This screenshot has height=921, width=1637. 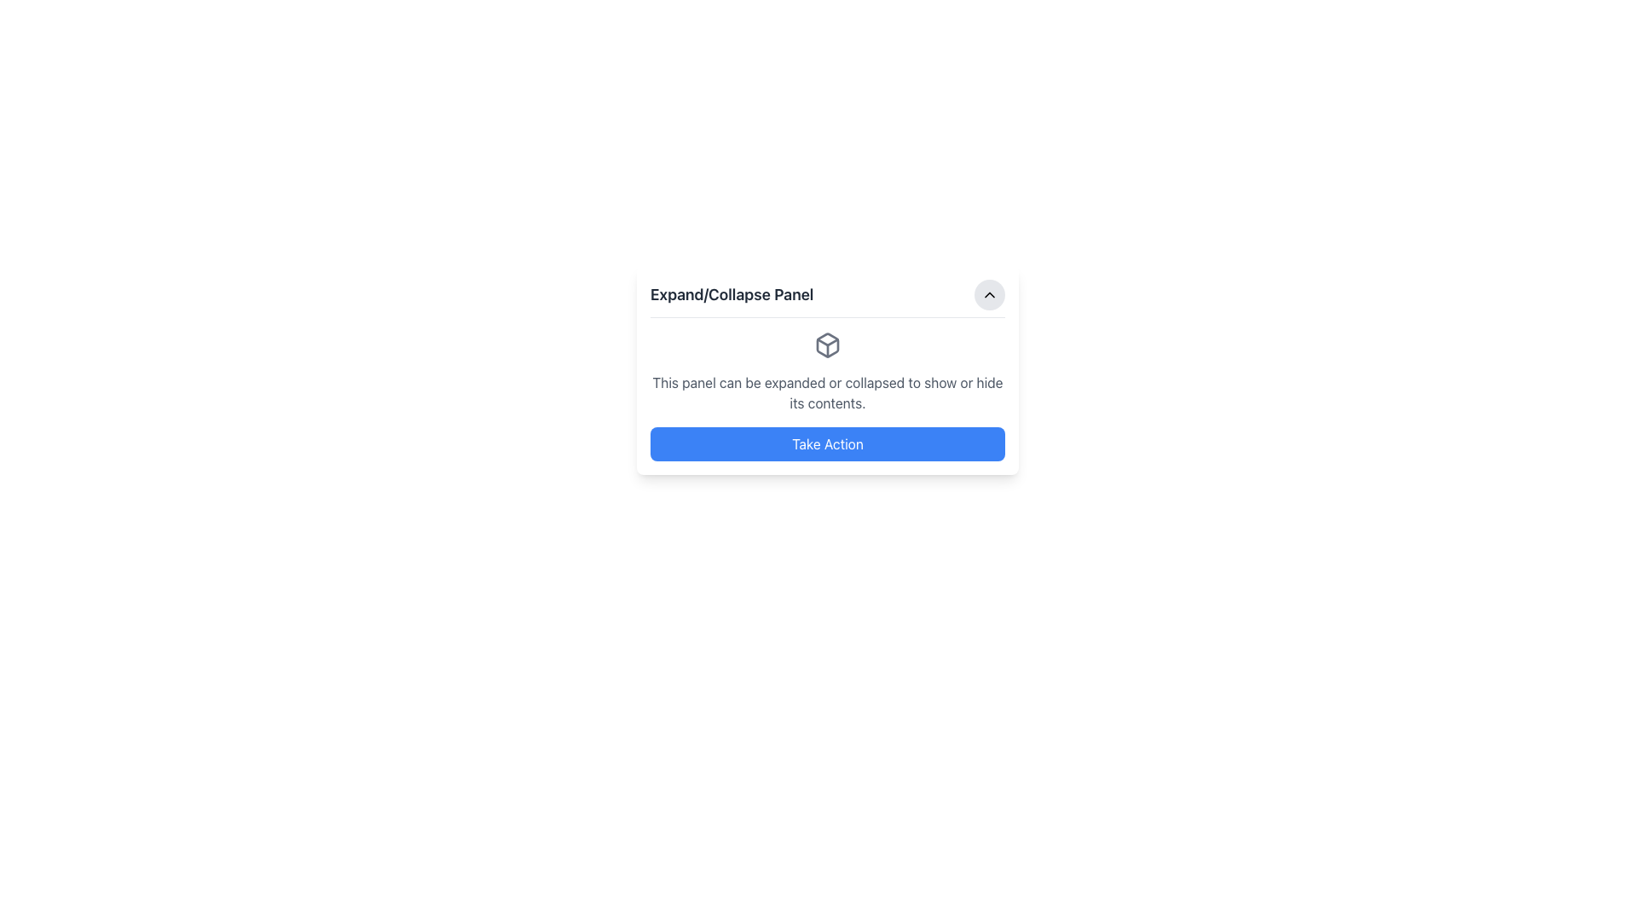 What do you see at coordinates (827, 443) in the screenshot?
I see `the button located at the bottom of the panel to trigger hover effects` at bounding box center [827, 443].